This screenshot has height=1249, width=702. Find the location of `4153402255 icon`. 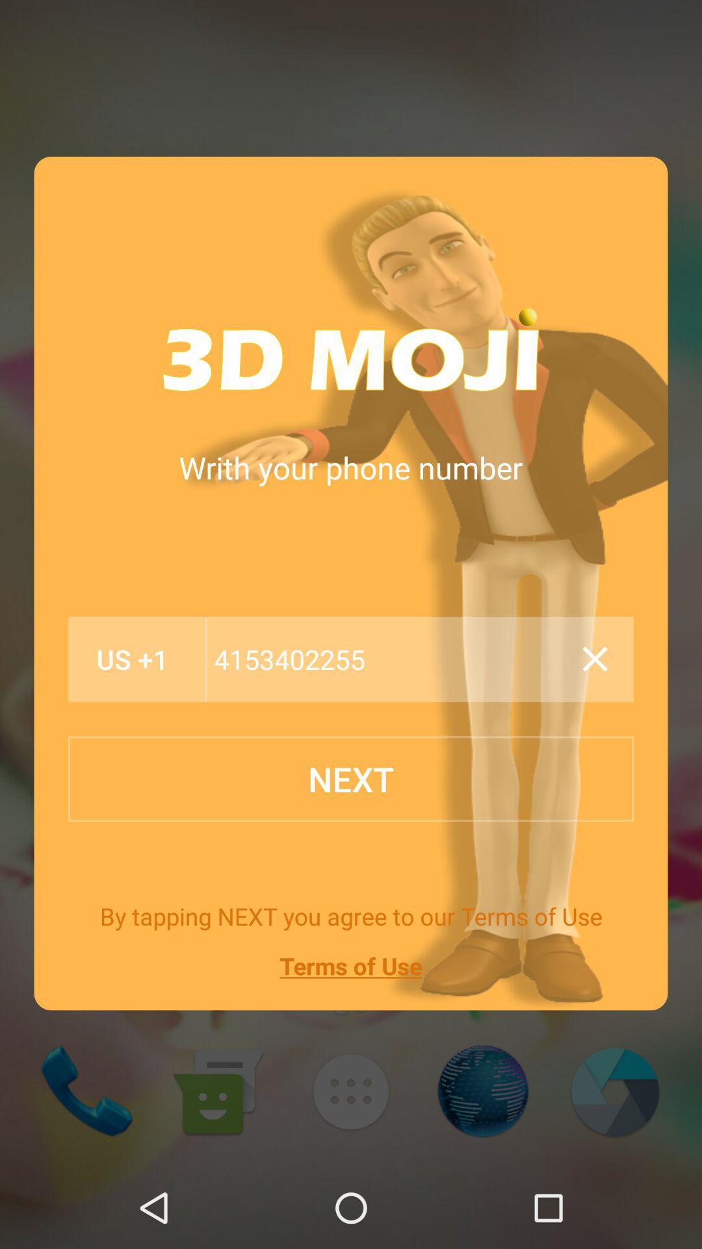

4153402255 icon is located at coordinates (389, 659).